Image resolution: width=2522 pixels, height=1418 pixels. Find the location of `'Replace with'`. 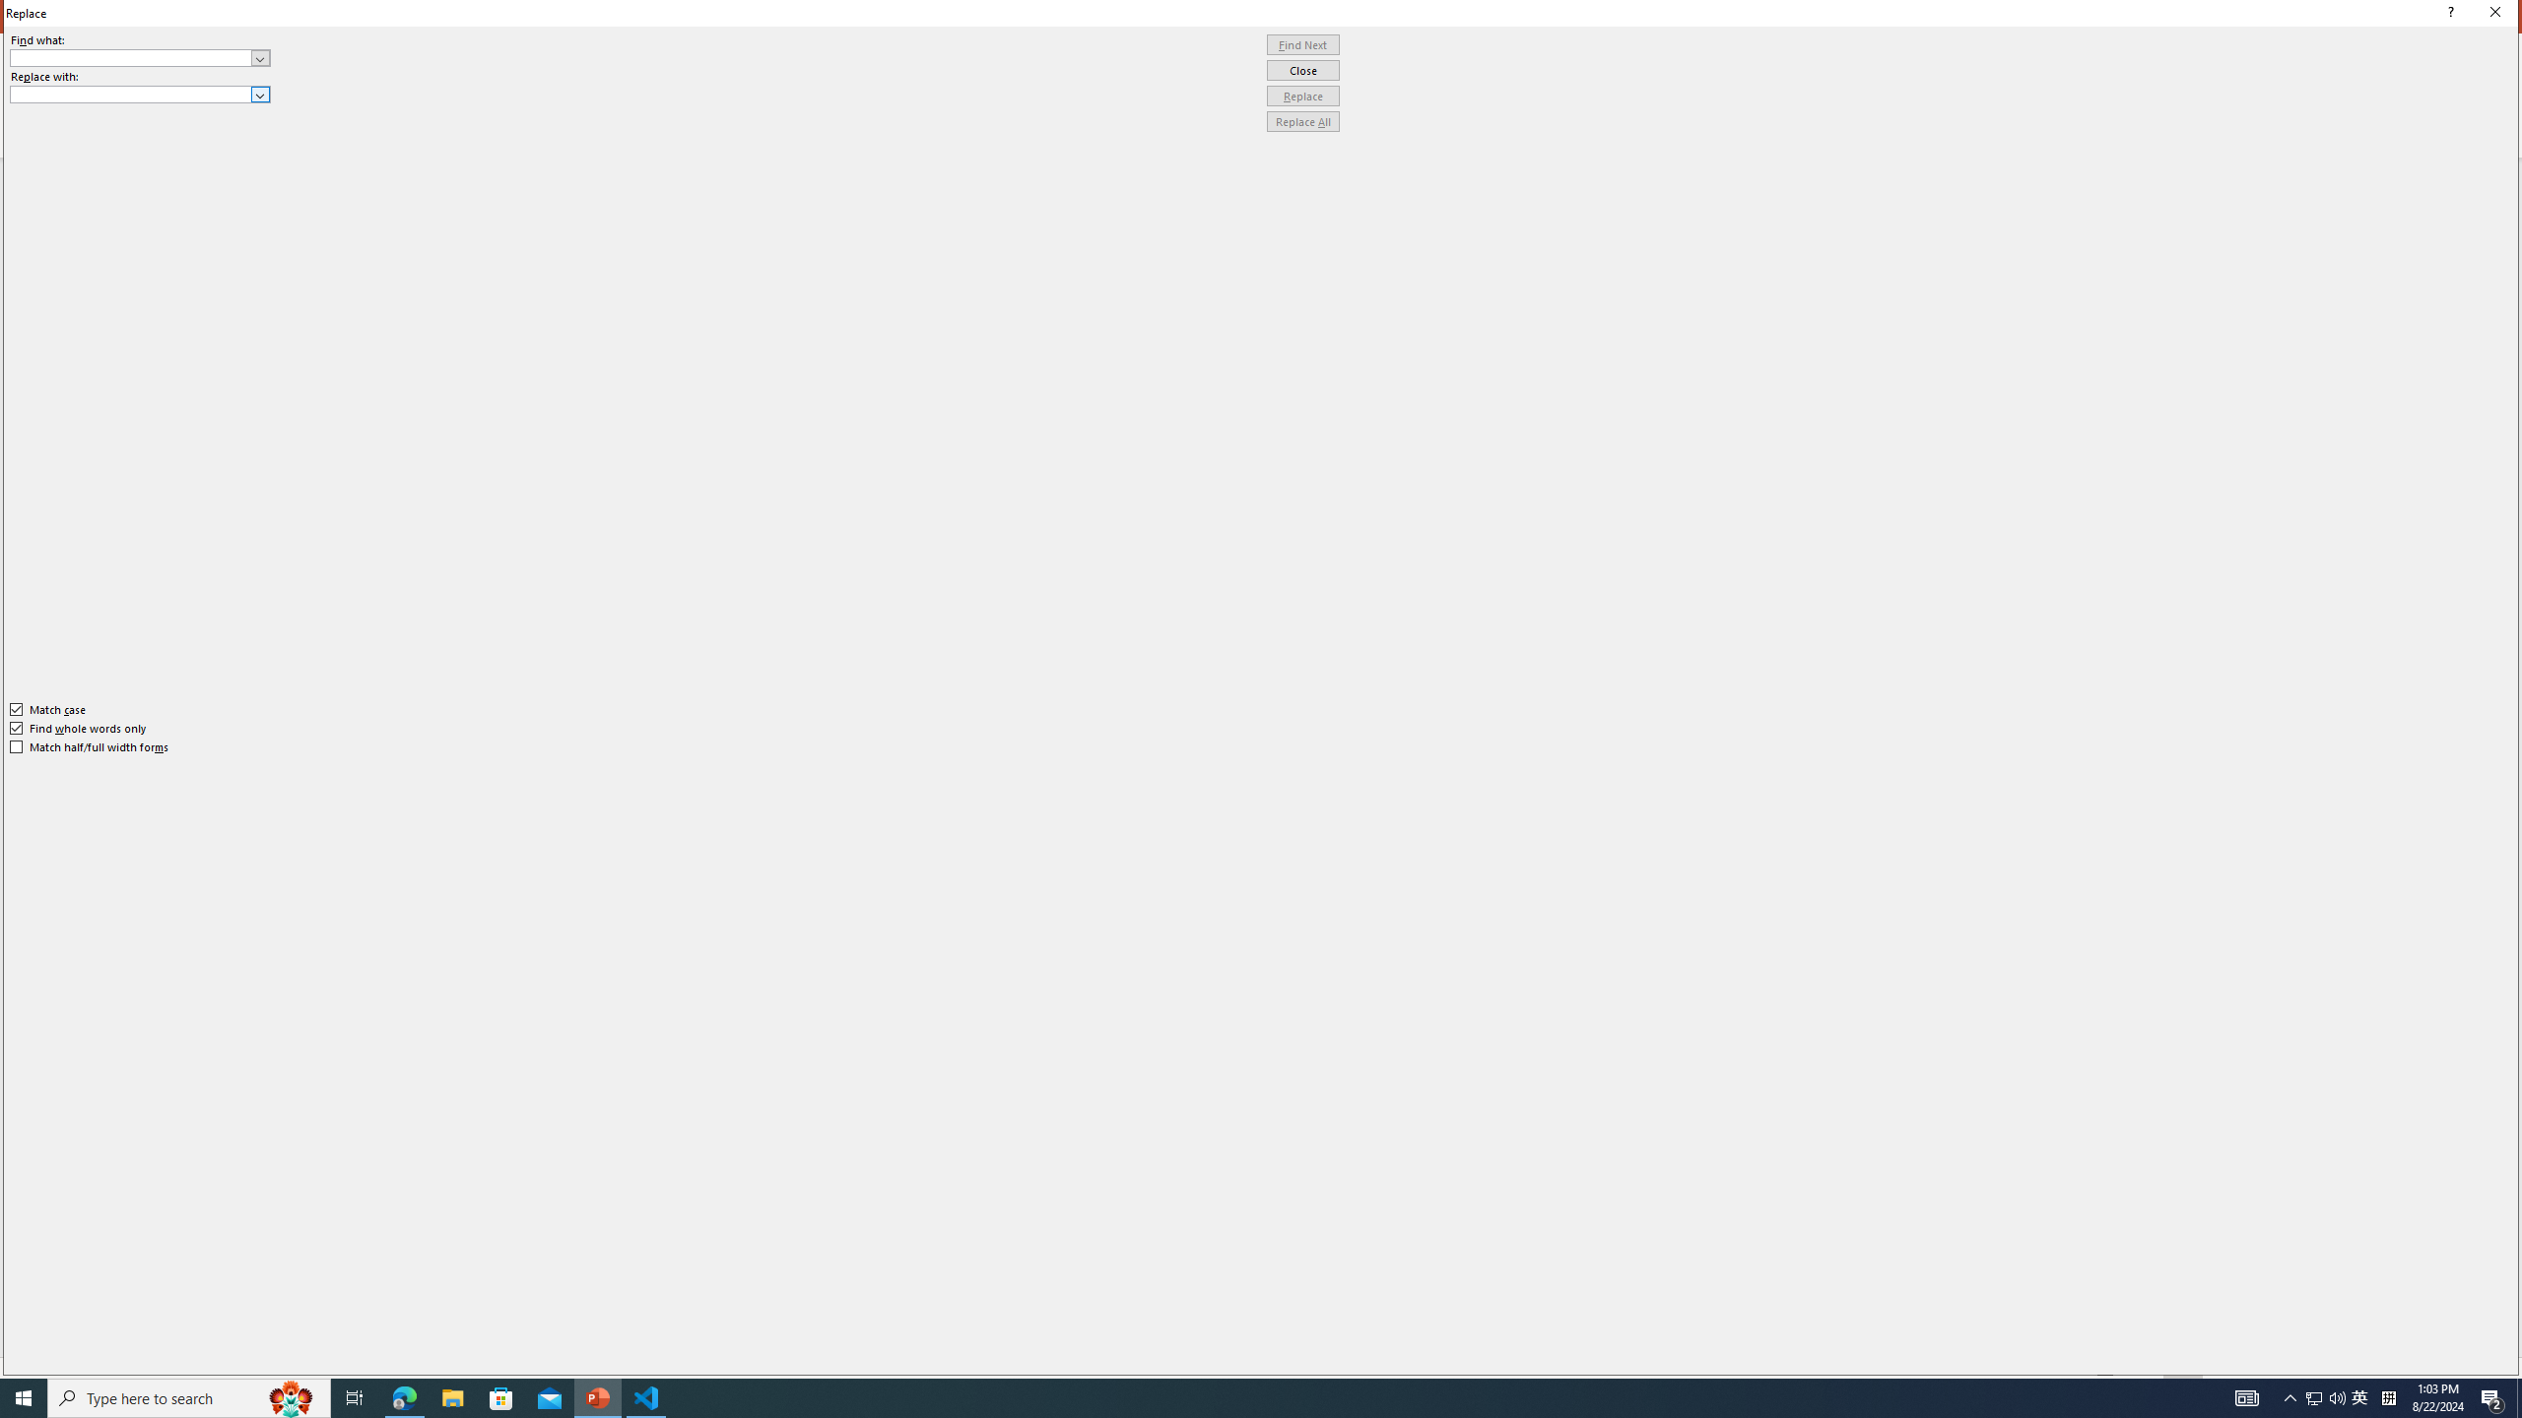

'Replace with' is located at coordinates (131, 94).